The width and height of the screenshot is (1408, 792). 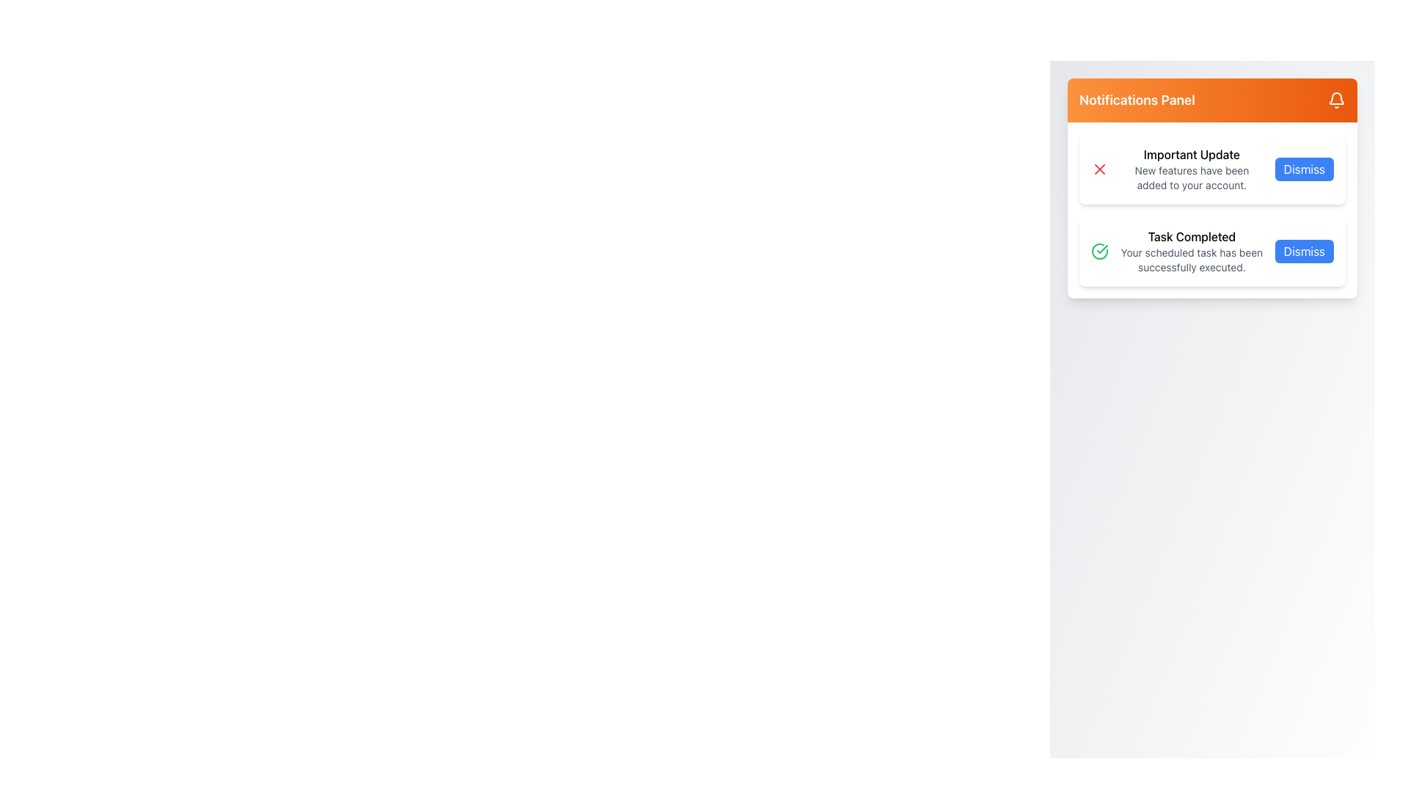 What do you see at coordinates (1102, 248) in the screenshot?
I see `the checkmark icon within the green circular icon located in the bottom notification titled 'Task Completed'` at bounding box center [1102, 248].